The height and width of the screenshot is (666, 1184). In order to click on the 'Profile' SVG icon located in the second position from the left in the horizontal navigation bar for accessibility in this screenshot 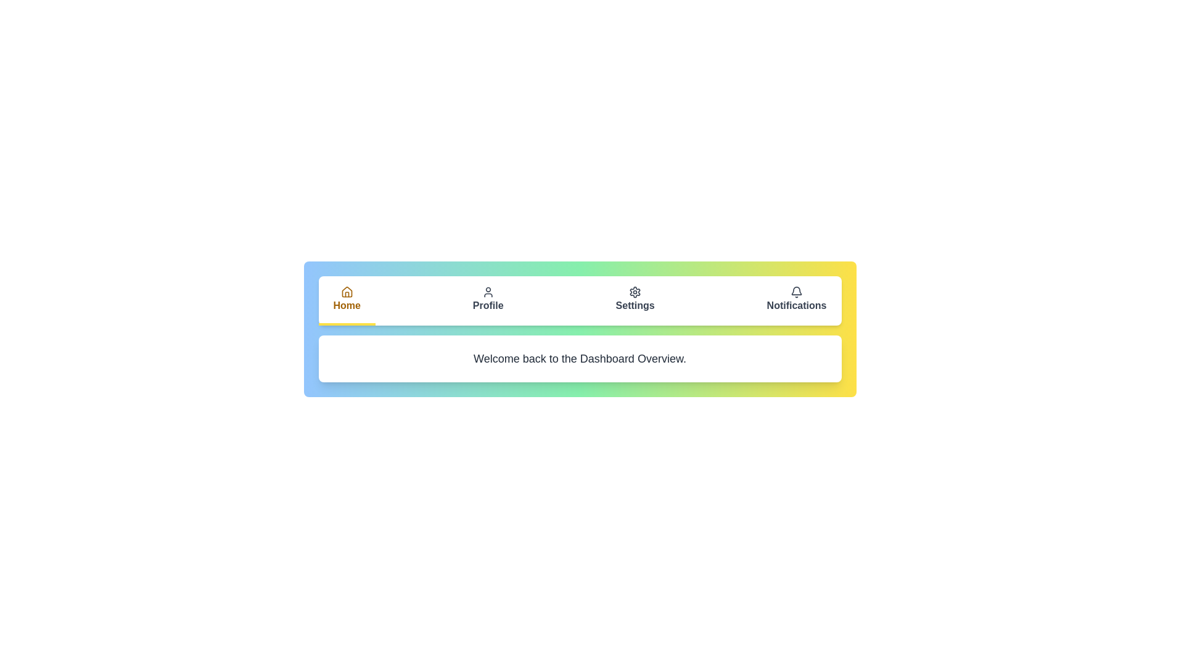, I will do `click(487, 292)`.